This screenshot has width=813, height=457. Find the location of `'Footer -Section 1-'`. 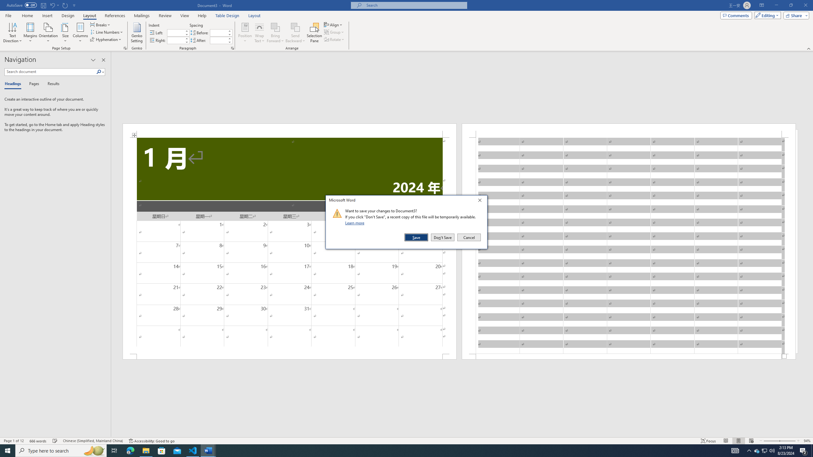

'Footer -Section 1-' is located at coordinates (629, 356).